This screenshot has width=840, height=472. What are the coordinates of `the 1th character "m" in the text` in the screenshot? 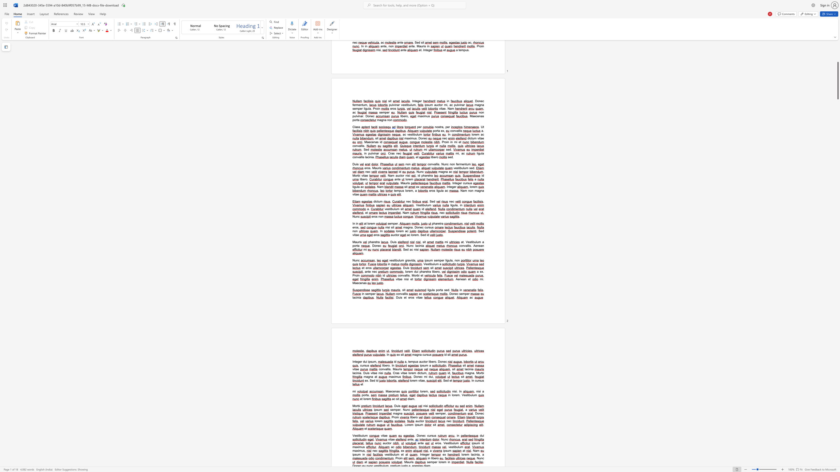 It's located at (431, 462).